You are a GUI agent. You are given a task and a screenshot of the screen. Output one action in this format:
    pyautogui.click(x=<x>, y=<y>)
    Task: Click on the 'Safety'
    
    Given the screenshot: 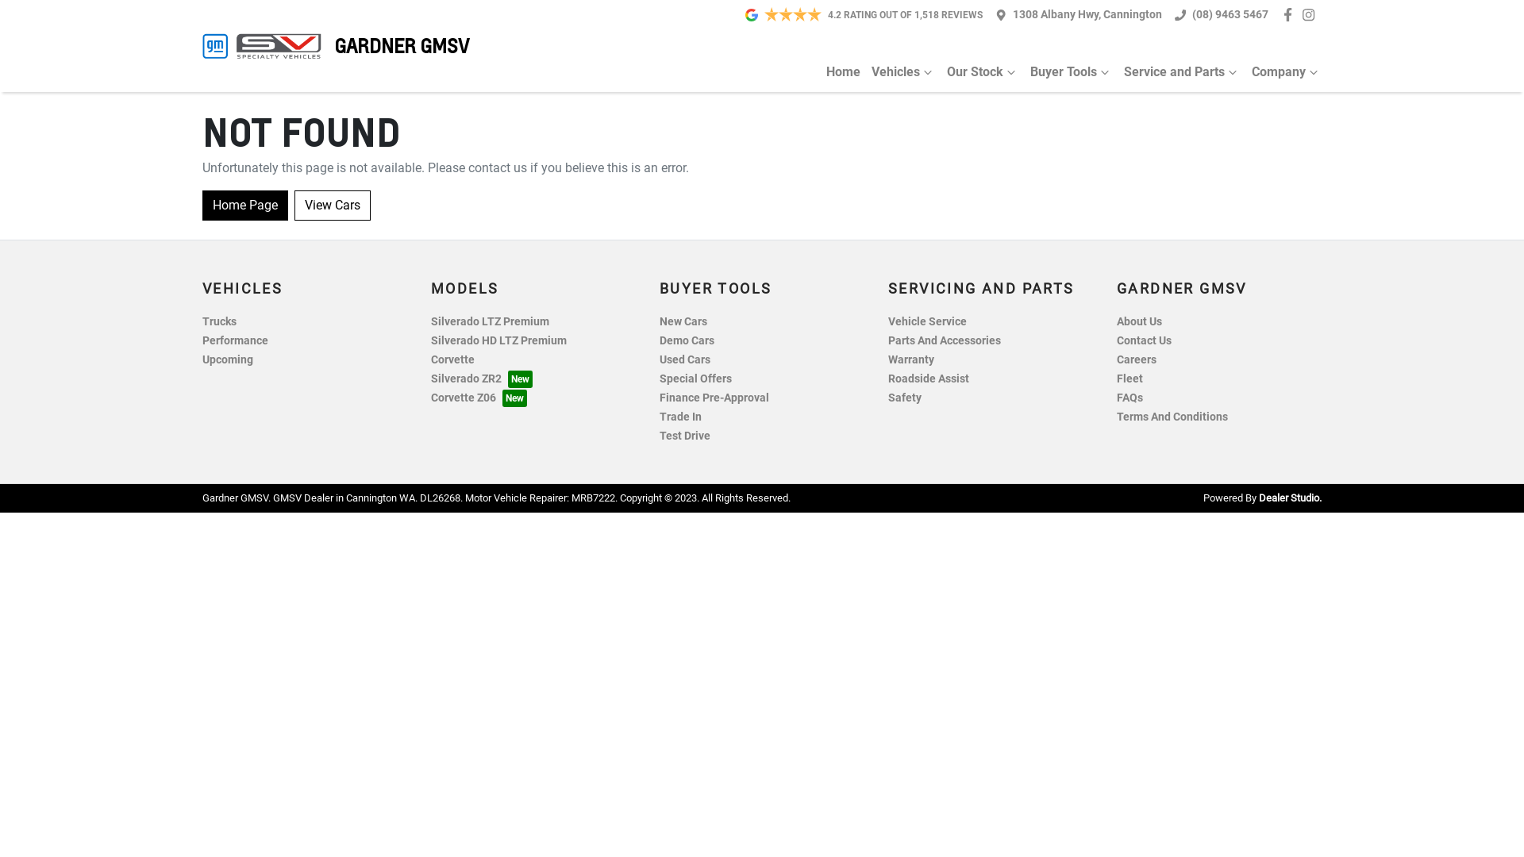 What is the action you would take?
    pyautogui.click(x=905, y=397)
    